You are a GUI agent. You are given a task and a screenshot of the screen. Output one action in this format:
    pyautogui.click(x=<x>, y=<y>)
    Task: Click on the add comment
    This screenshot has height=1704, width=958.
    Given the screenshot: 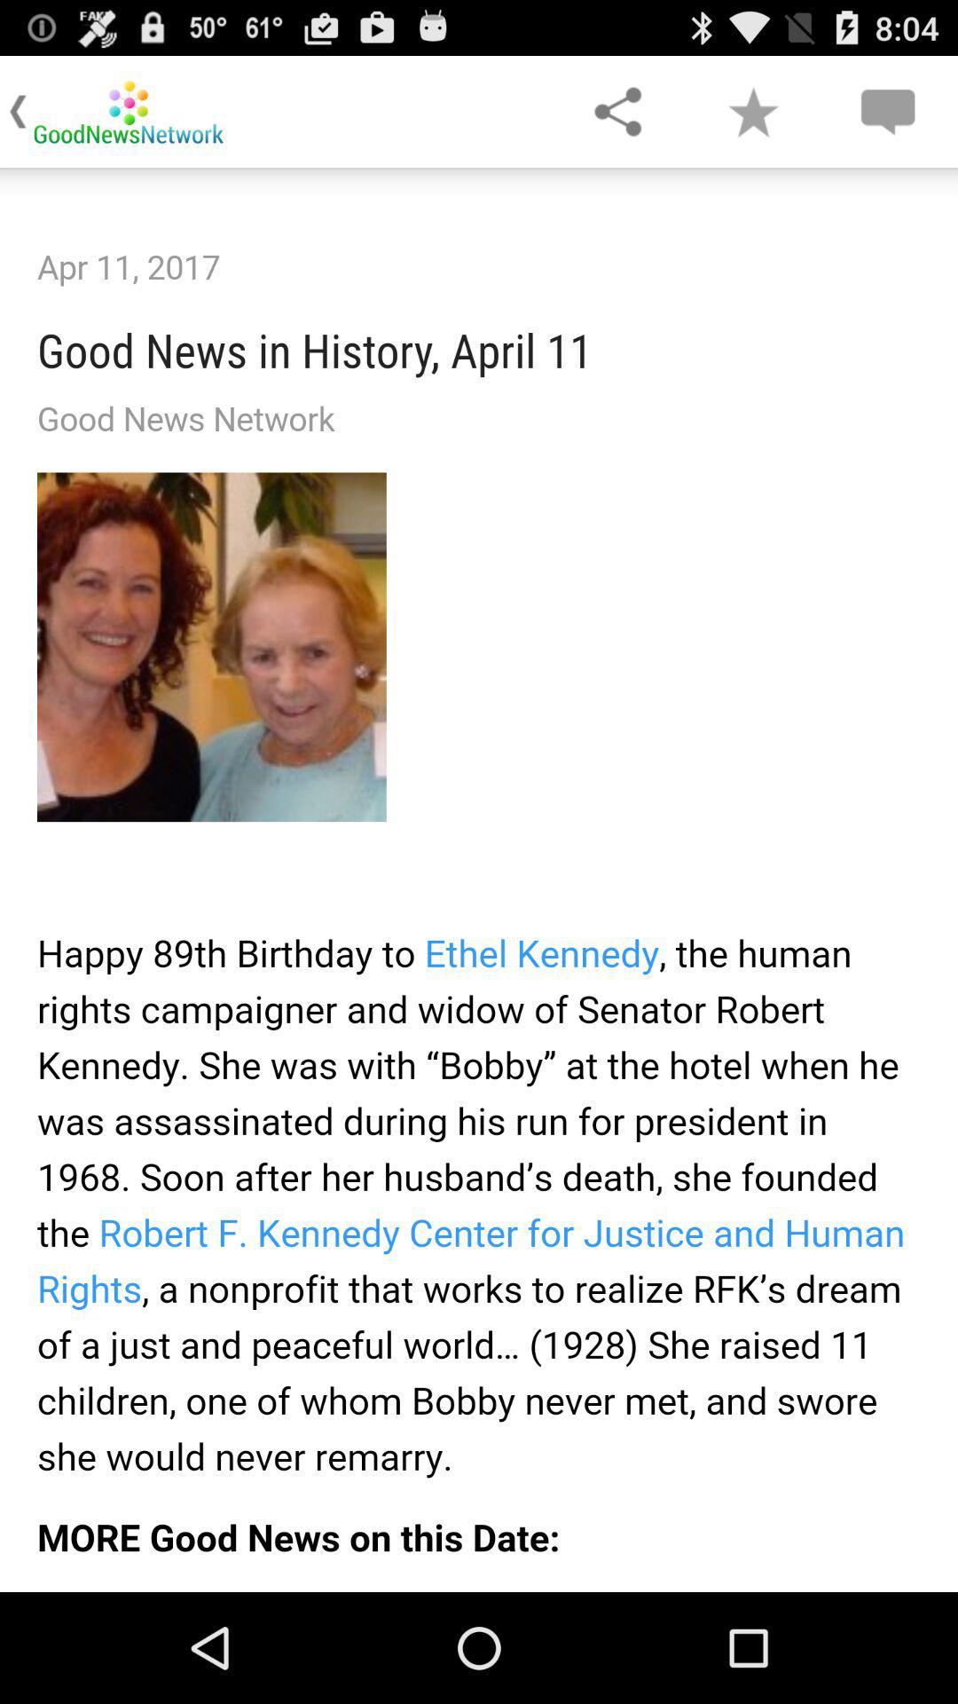 What is the action you would take?
    pyautogui.click(x=887, y=110)
    